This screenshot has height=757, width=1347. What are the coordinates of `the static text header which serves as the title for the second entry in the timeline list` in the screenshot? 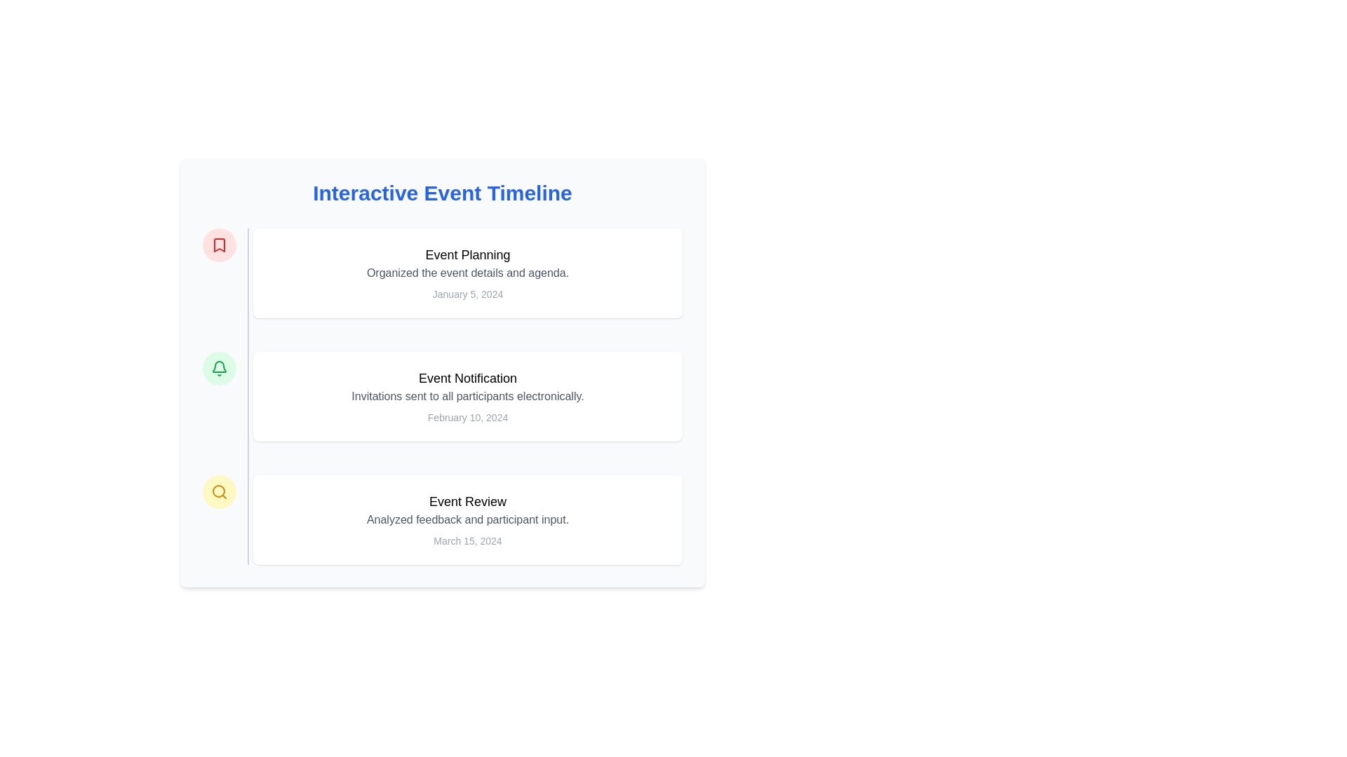 It's located at (468, 378).